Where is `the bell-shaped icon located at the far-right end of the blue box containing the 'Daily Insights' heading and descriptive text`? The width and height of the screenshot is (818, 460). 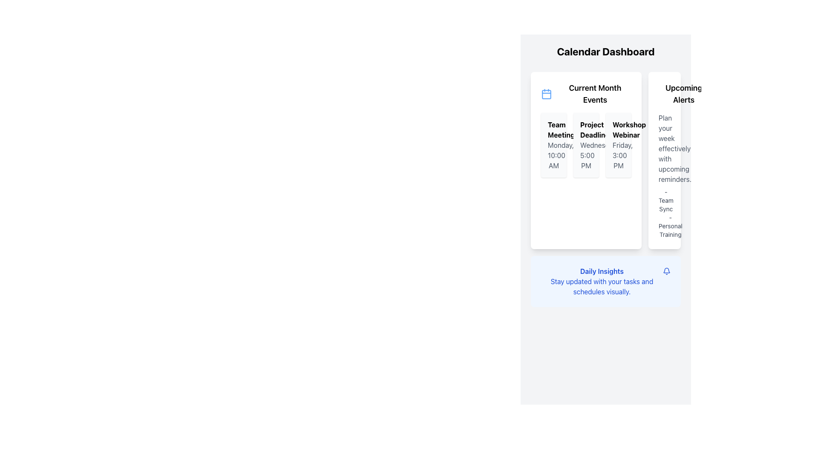 the bell-shaped icon located at the far-right end of the blue box containing the 'Daily Insights' heading and descriptive text is located at coordinates (666, 271).